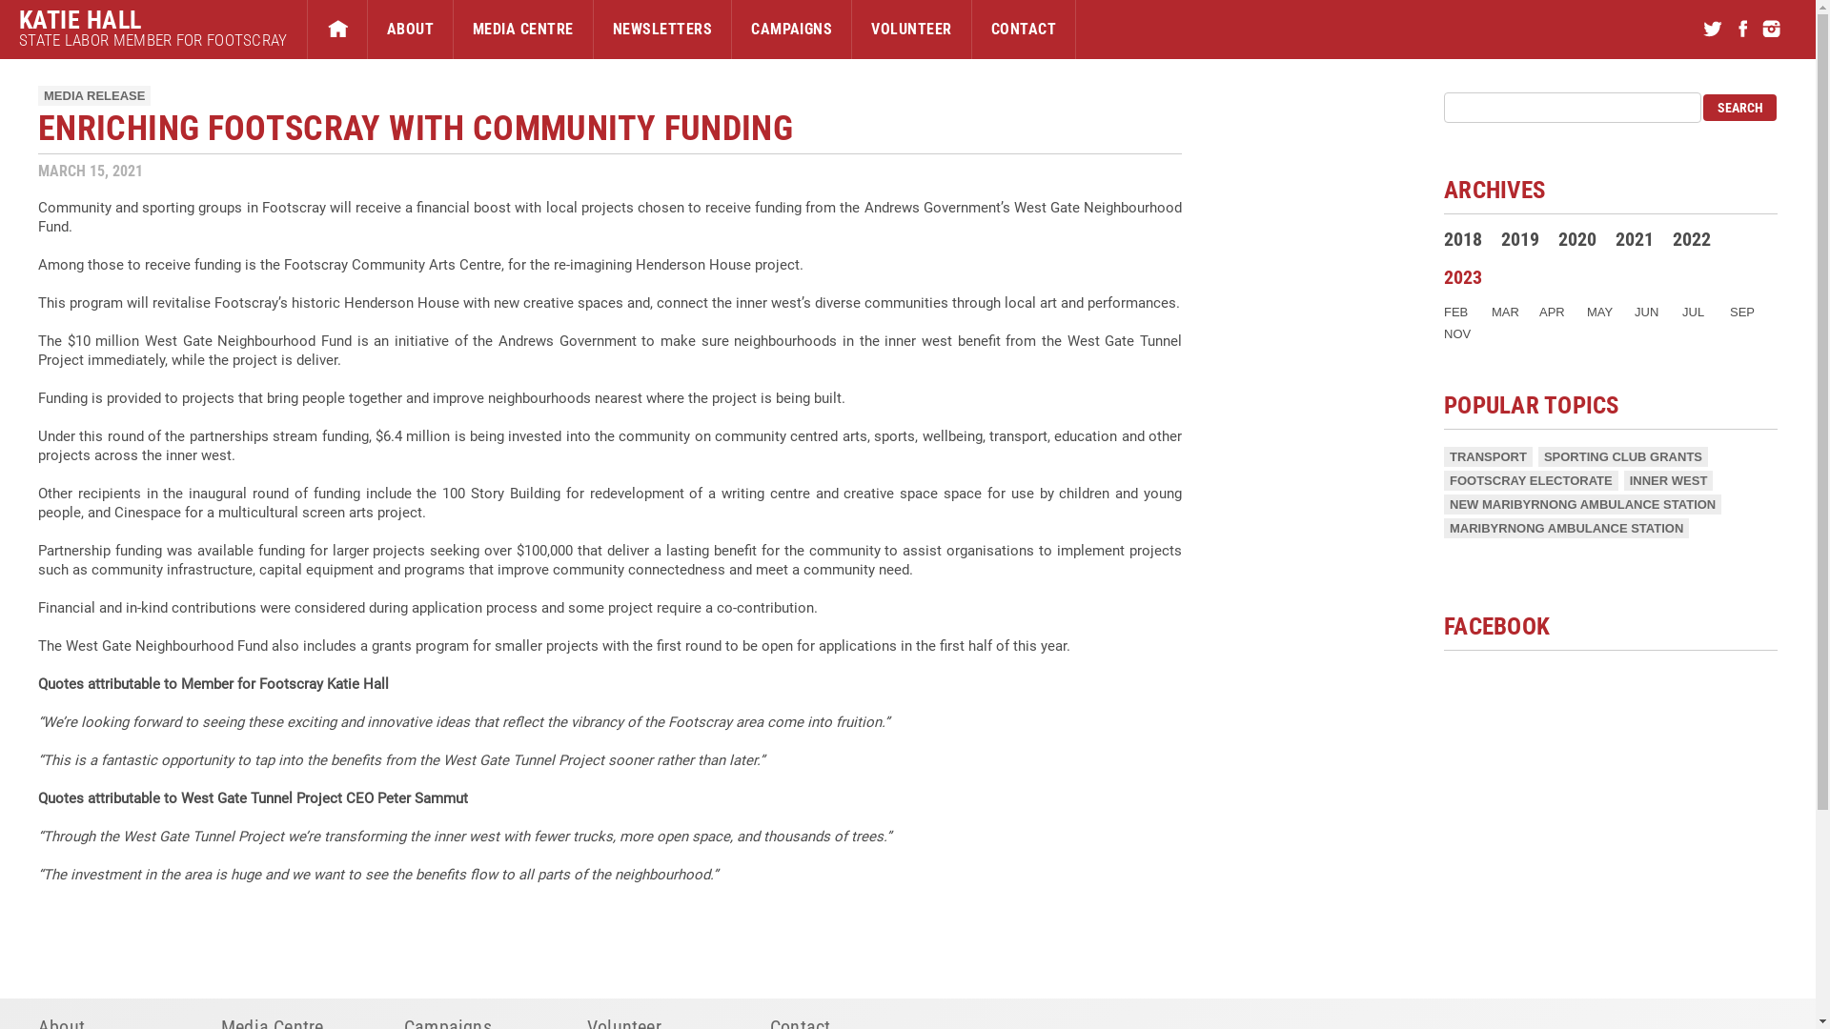 The image size is (1830, 1029). What do you see at coordinates (153, 40) in the screenshot?
I see `'STATE LABOR MEMBER FOR FOOTSCRAY'` at bounding box center [153, 40].